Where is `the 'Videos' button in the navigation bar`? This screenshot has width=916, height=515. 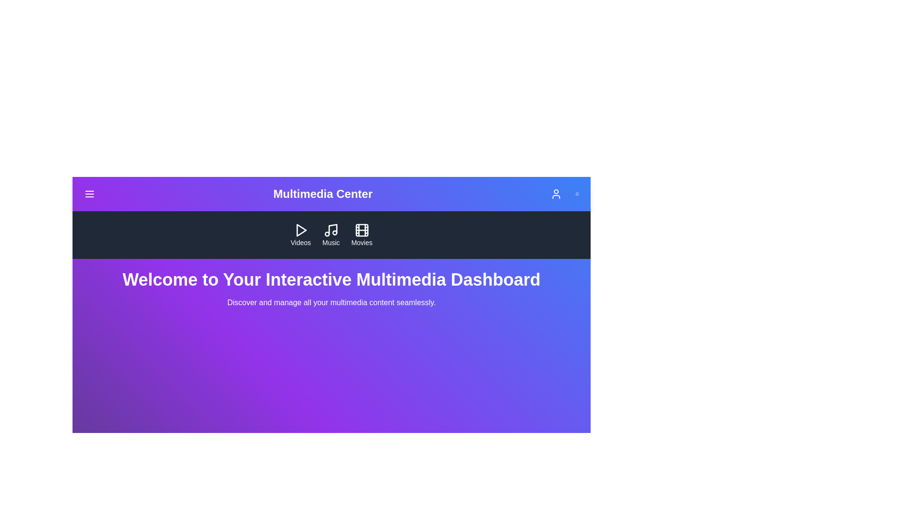
the 'Videos' button in the navigation bar is located at coordinates (300, 235).